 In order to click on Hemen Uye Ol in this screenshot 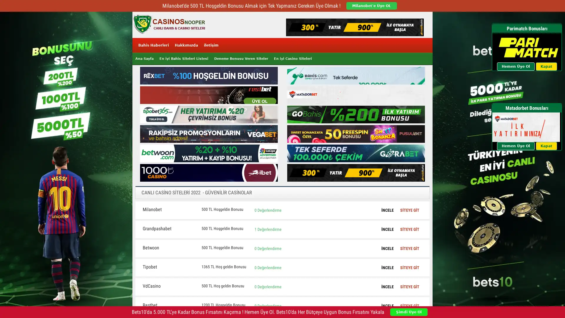, I will do `click(515, 146)`.